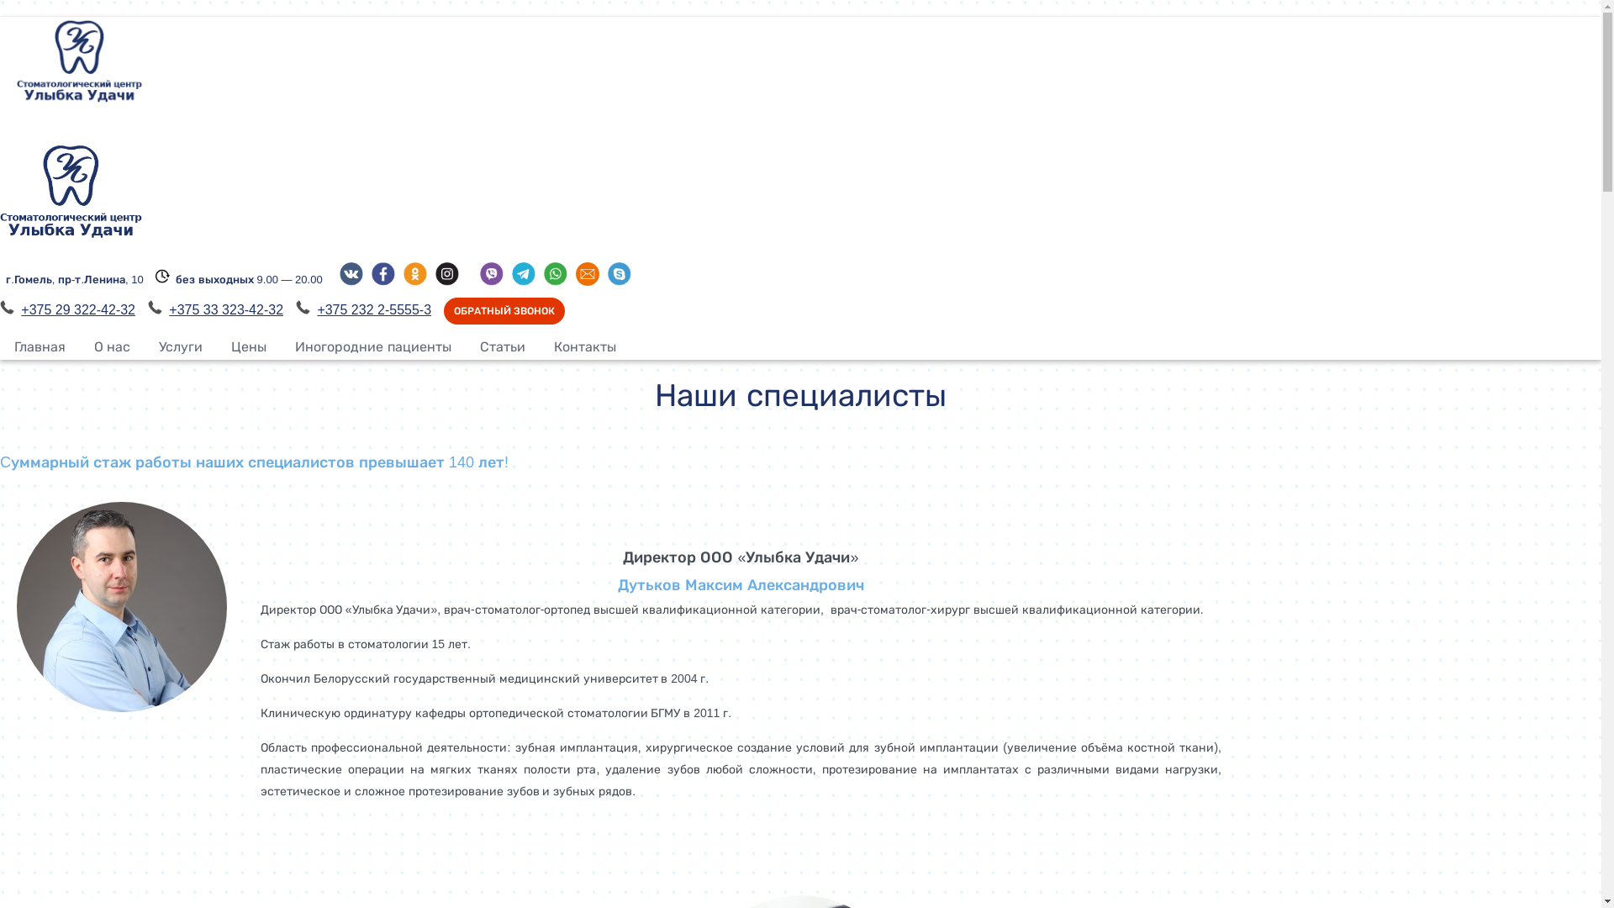 This screenshot has width=1614, height=908. Describe the element at coordinates (373, 309) in the screenshot. I see `'+375 232 2-5555-3'` at that location.